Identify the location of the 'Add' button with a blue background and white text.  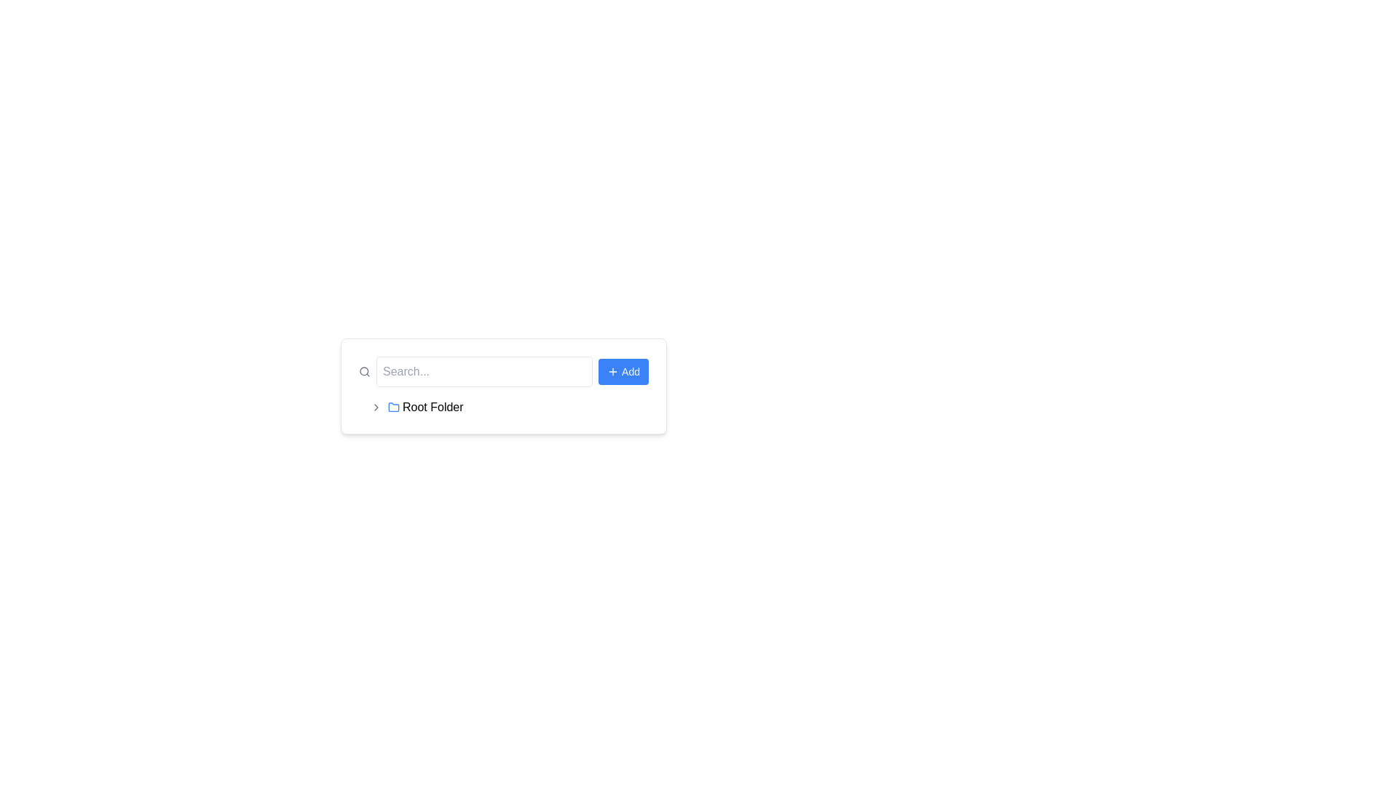
(623, 370).